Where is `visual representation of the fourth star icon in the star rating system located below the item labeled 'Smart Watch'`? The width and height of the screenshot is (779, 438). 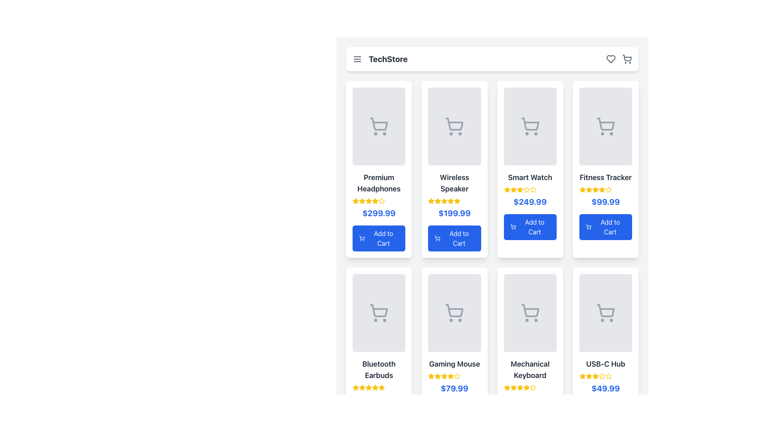
visual representation of the fourth star icon in the star rating system located below the item labeled 'Smart Watch' is located at coordinates (520, 189).